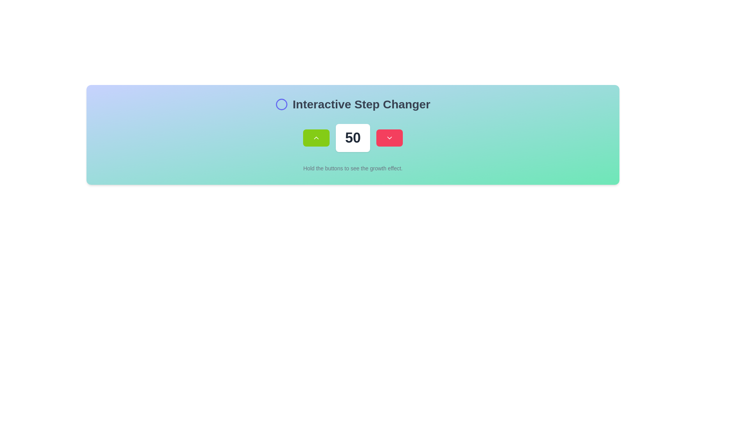  Describe the element at coordinates (353, 168) in the screenshot. I see `the static text label that provides guidance for the interactive buttons above, located at the bottom center beneath the numeric display` at that location.